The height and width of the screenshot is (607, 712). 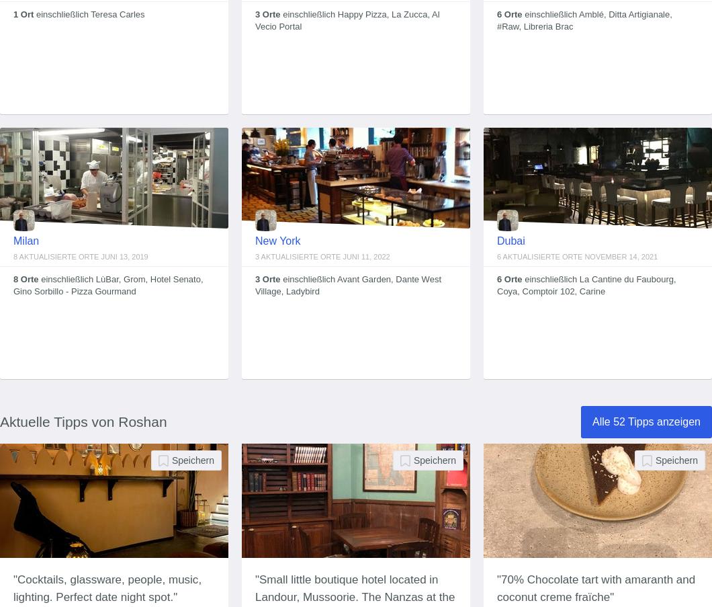 I want to click on 'einschließlich La Cantine du Faubourg, Coya, Comptoir 102, Carine', so click(x=586, y=284).